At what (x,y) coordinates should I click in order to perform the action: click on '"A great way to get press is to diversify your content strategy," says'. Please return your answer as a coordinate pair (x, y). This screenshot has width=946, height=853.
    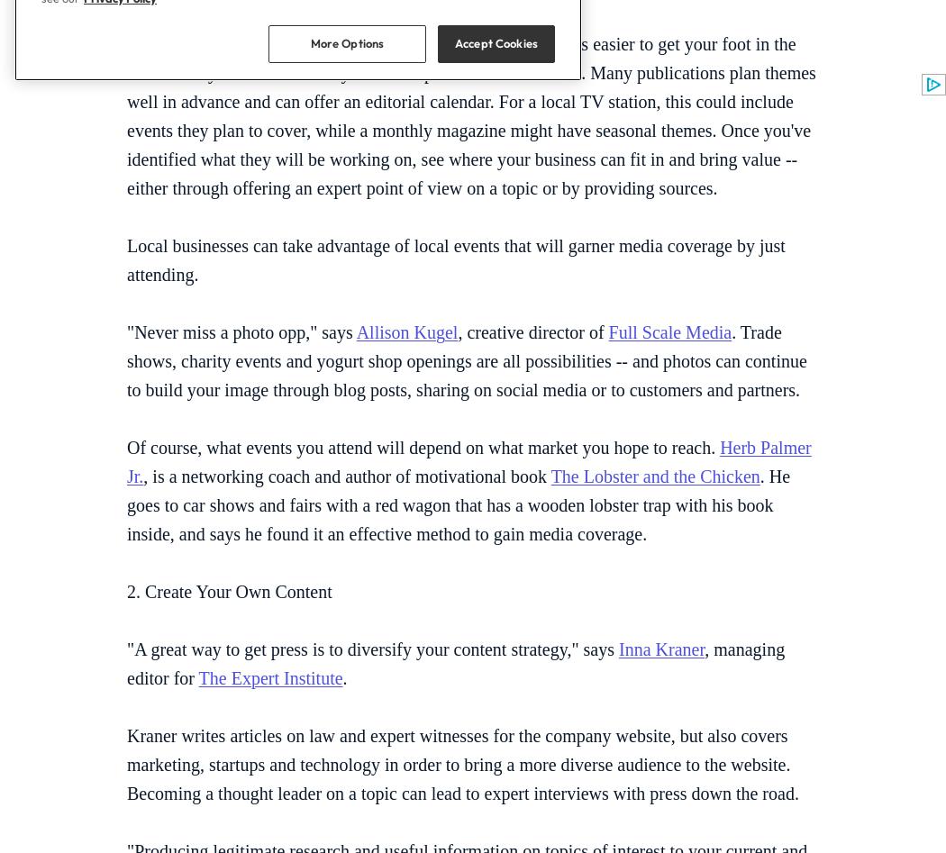
    Looking at the image, I should click on (372, 648).